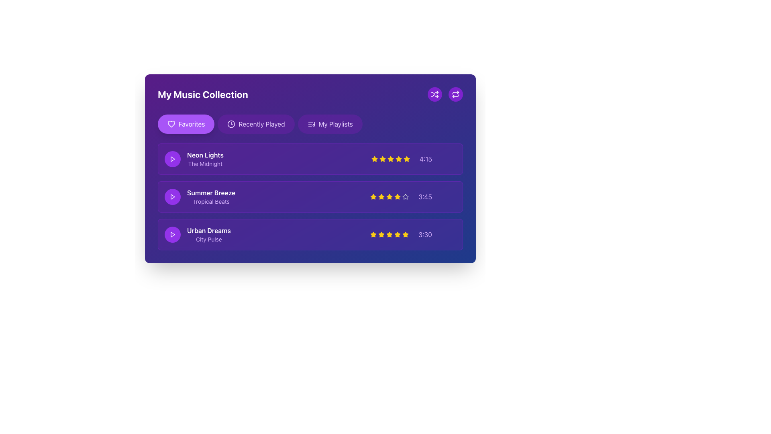  Describe the element at coordinates (256, 124) in the screenshot. I see `the 'Recently Played' button, which is the second button in a group of three buttons with a purple background and a circular clock icon to its left` at that location.